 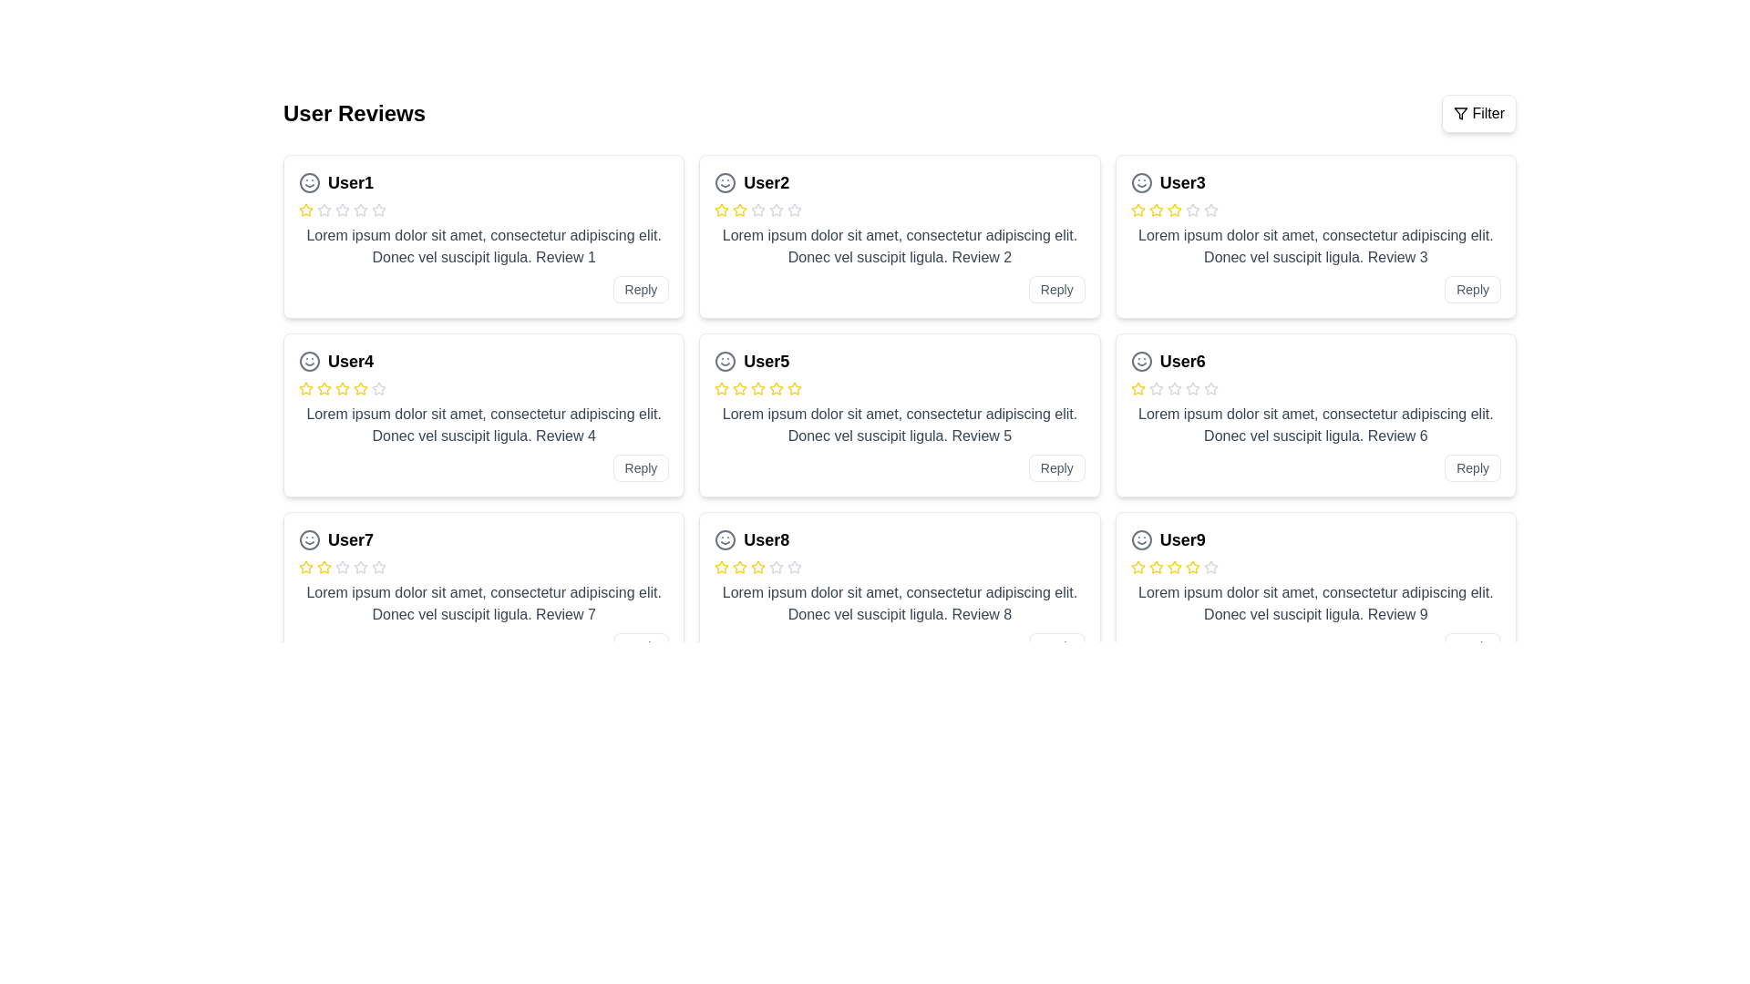 I want to click on the appearance of the fourth unselected rating star icon in the review section for 'User1', so click(x=342, y=210).